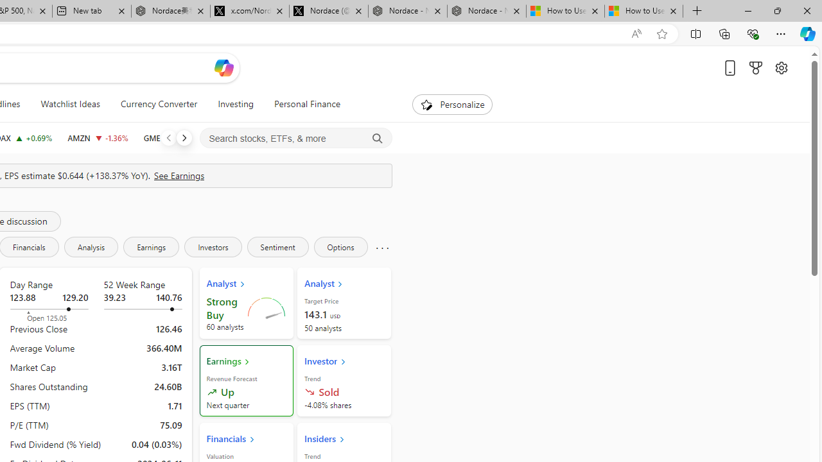 This screenshot has height=462, width=822. What do you see at coordinates (213, 246) in the screenshot?
I see `'Investors'` at bounding box center [213, 246].